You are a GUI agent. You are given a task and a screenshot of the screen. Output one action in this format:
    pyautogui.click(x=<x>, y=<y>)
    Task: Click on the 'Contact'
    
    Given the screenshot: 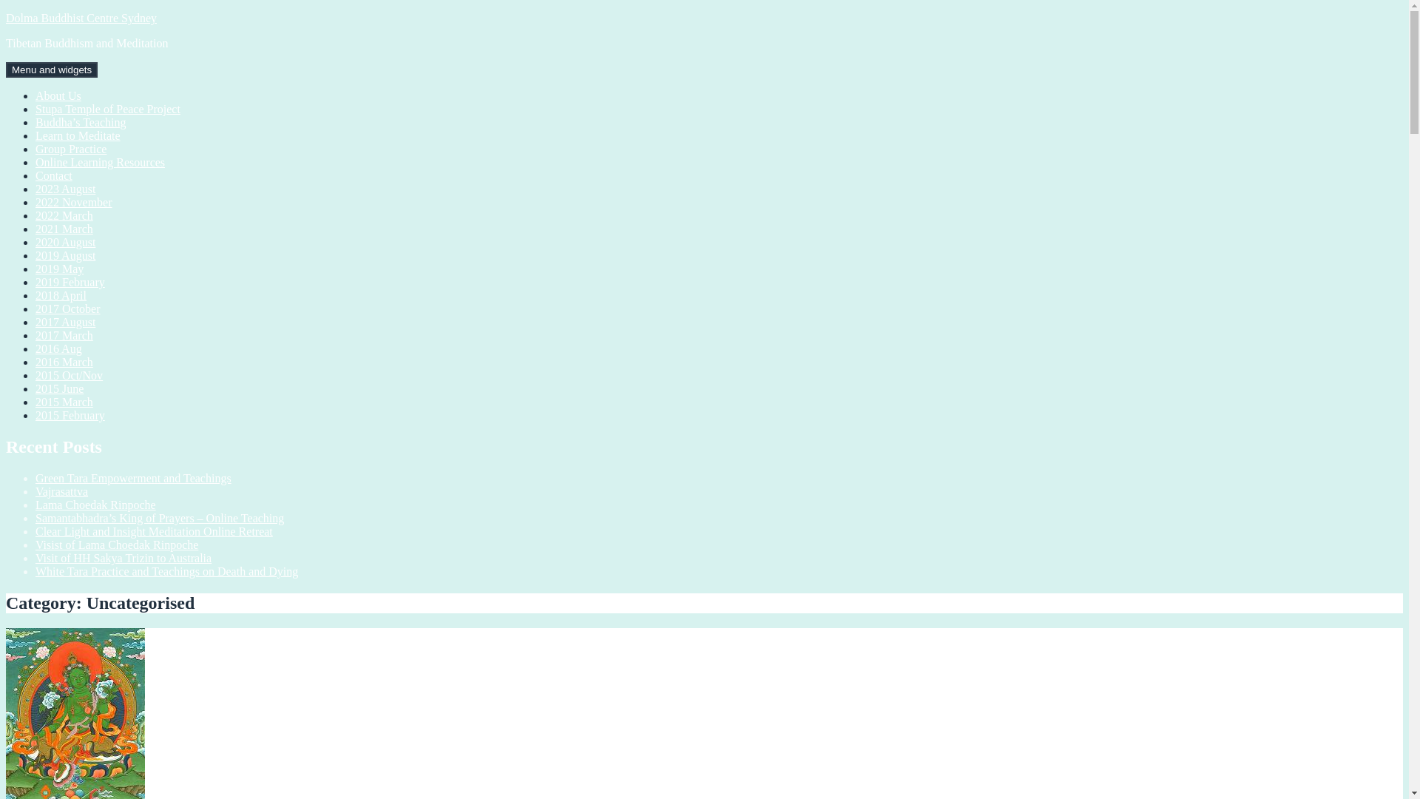 What is the action you would take?
    pyautogui.click(x=53, y=175)
    